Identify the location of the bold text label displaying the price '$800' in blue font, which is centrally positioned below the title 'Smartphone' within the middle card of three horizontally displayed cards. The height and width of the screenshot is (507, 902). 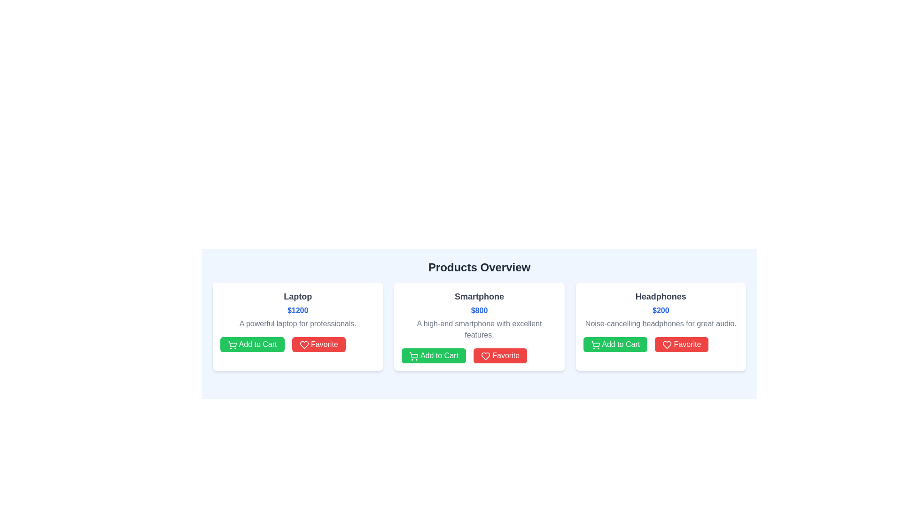
(479, 311).